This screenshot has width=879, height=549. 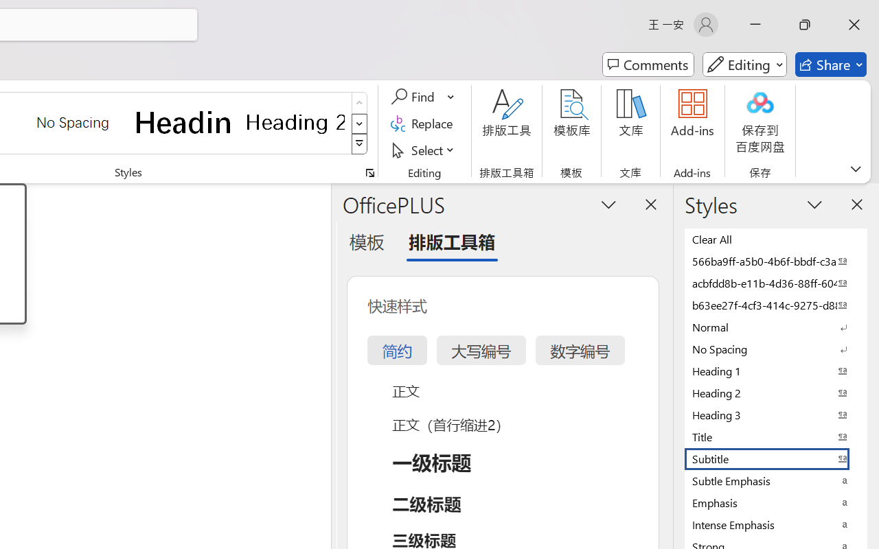 What do you see at coordinates (805, 24) in the screenshot?
I see `'Restore Down'` at bounding box center [805, 24].